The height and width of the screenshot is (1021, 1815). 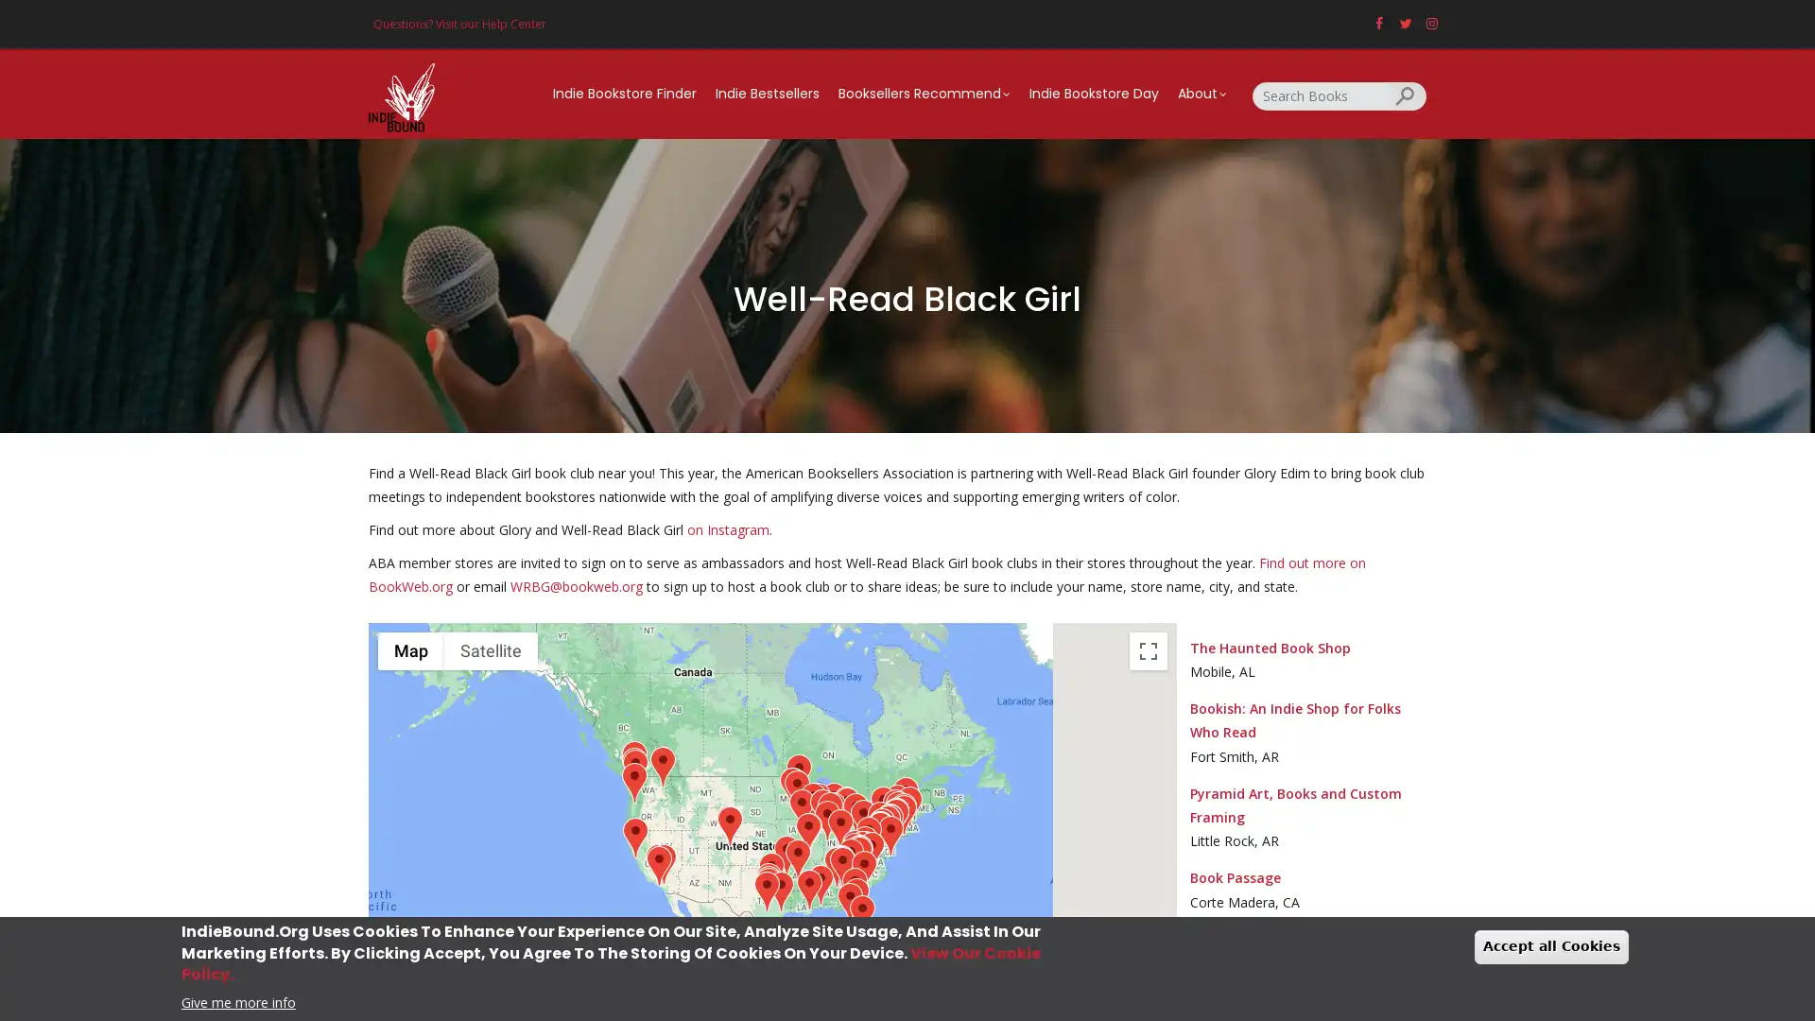 I want to click on Shop at MATTER, so click(x=728, y=823).